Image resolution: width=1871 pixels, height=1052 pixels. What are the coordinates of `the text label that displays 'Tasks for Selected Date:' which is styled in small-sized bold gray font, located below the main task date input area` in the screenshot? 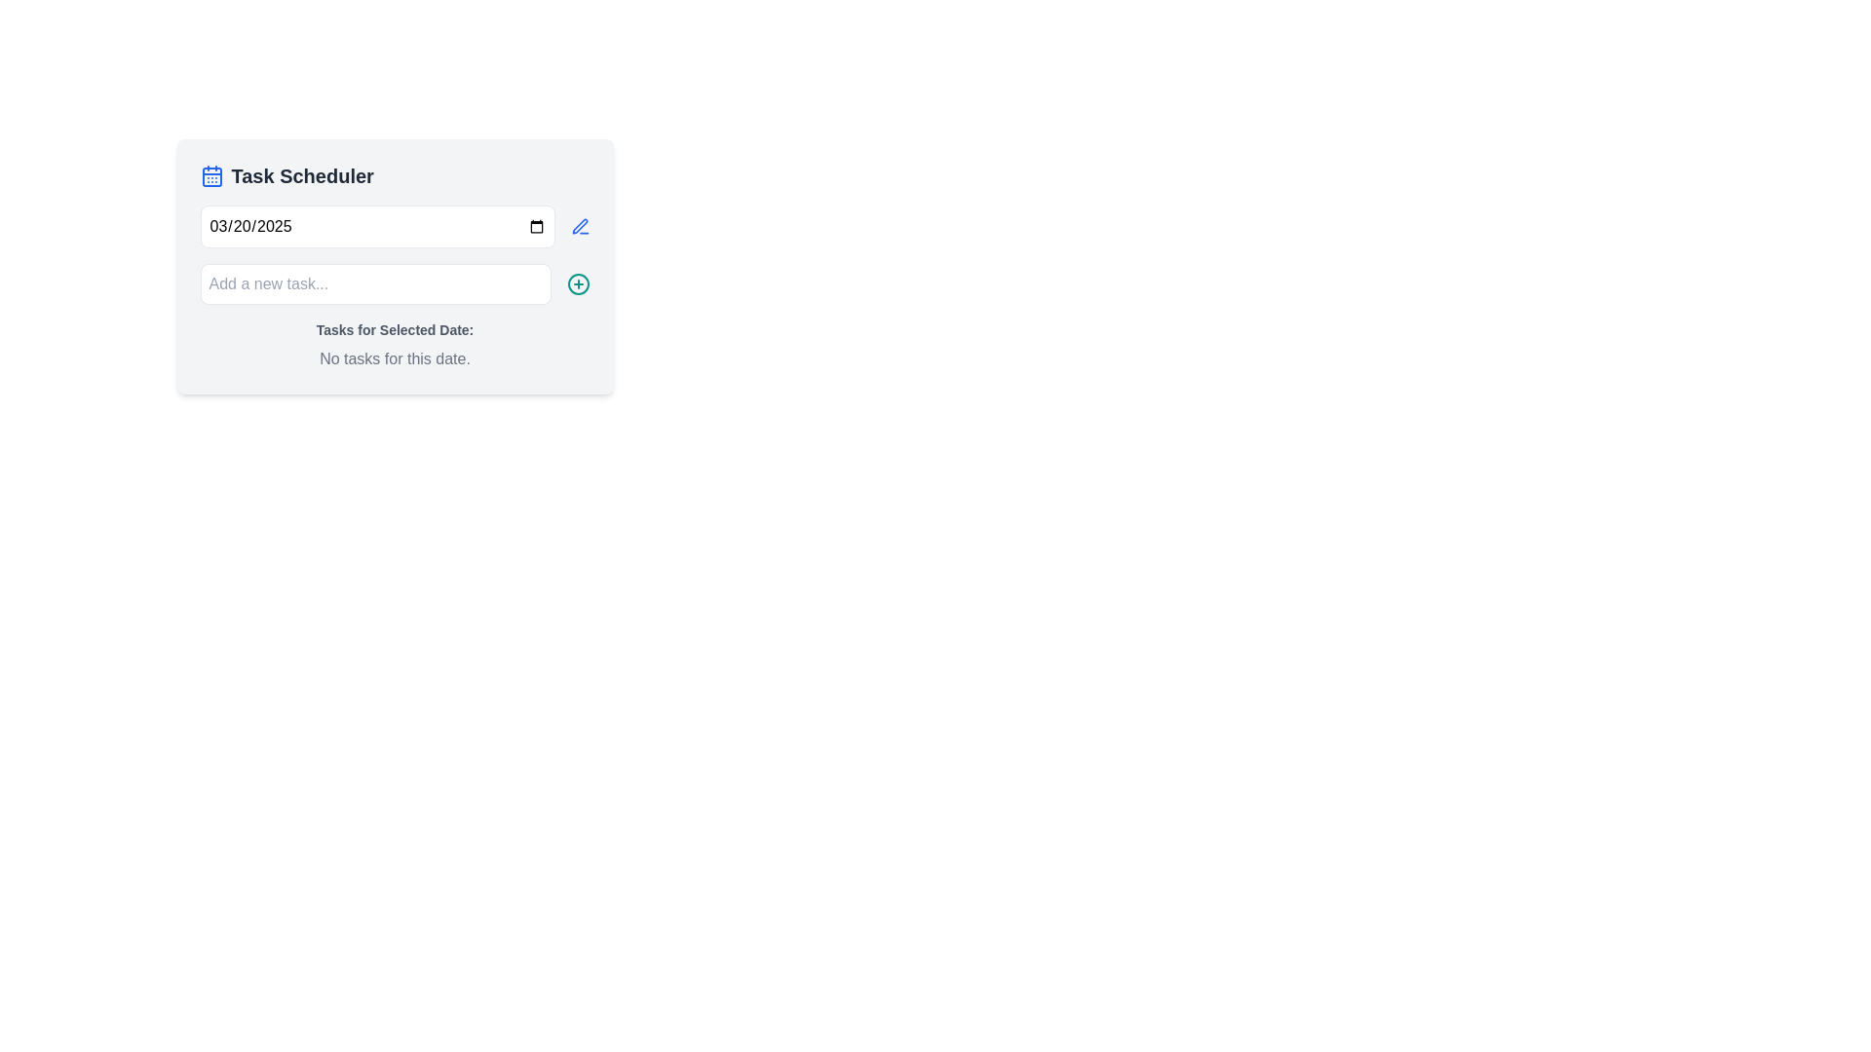 It's located at (394, 329).